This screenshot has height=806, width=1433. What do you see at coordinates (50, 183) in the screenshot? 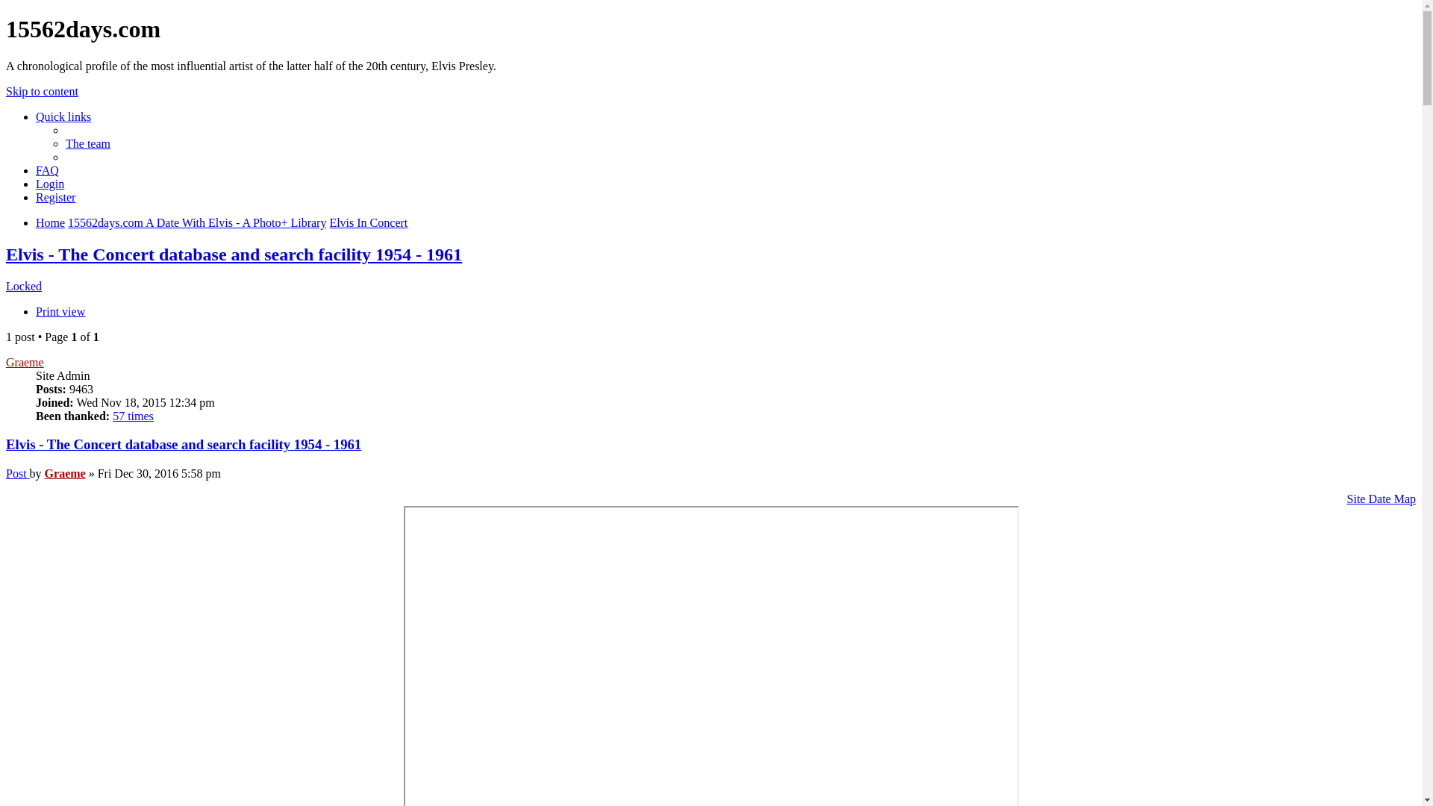
I see `'Login'` at bounding box center [50, 183].